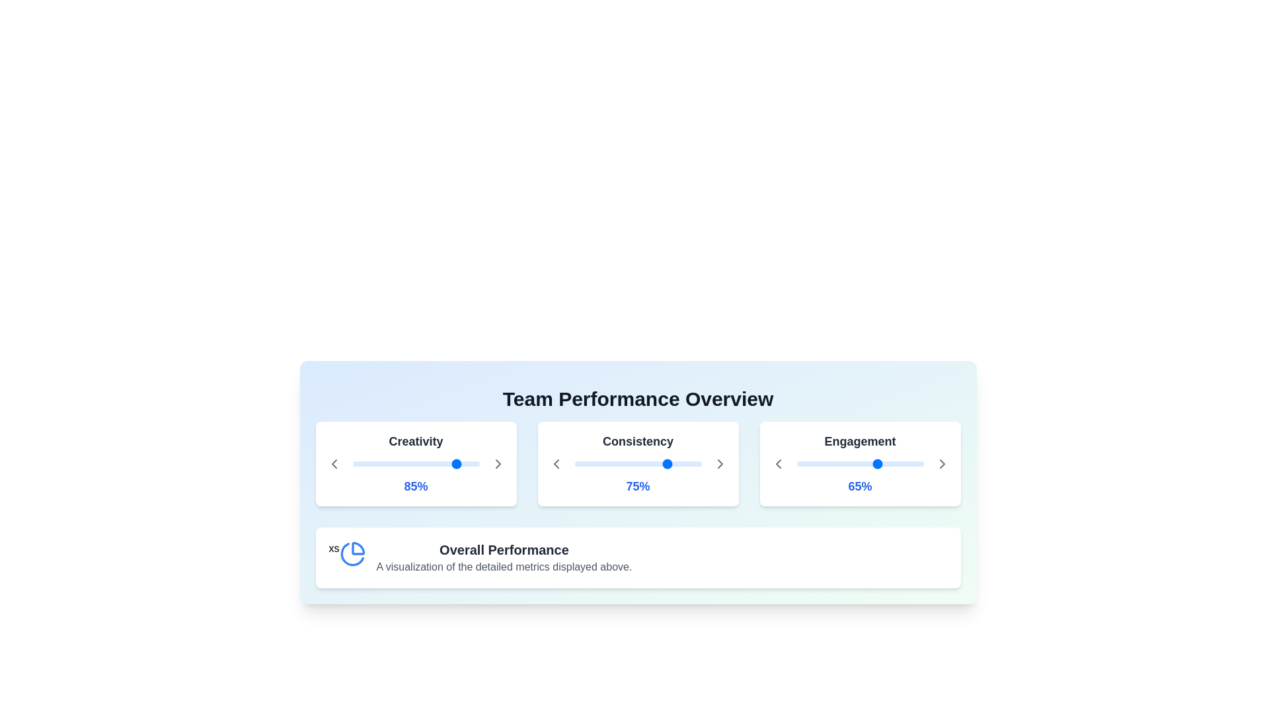  Describe the element at coordinates (457, 463) in the screenshot. I see `the slider value` at that location.